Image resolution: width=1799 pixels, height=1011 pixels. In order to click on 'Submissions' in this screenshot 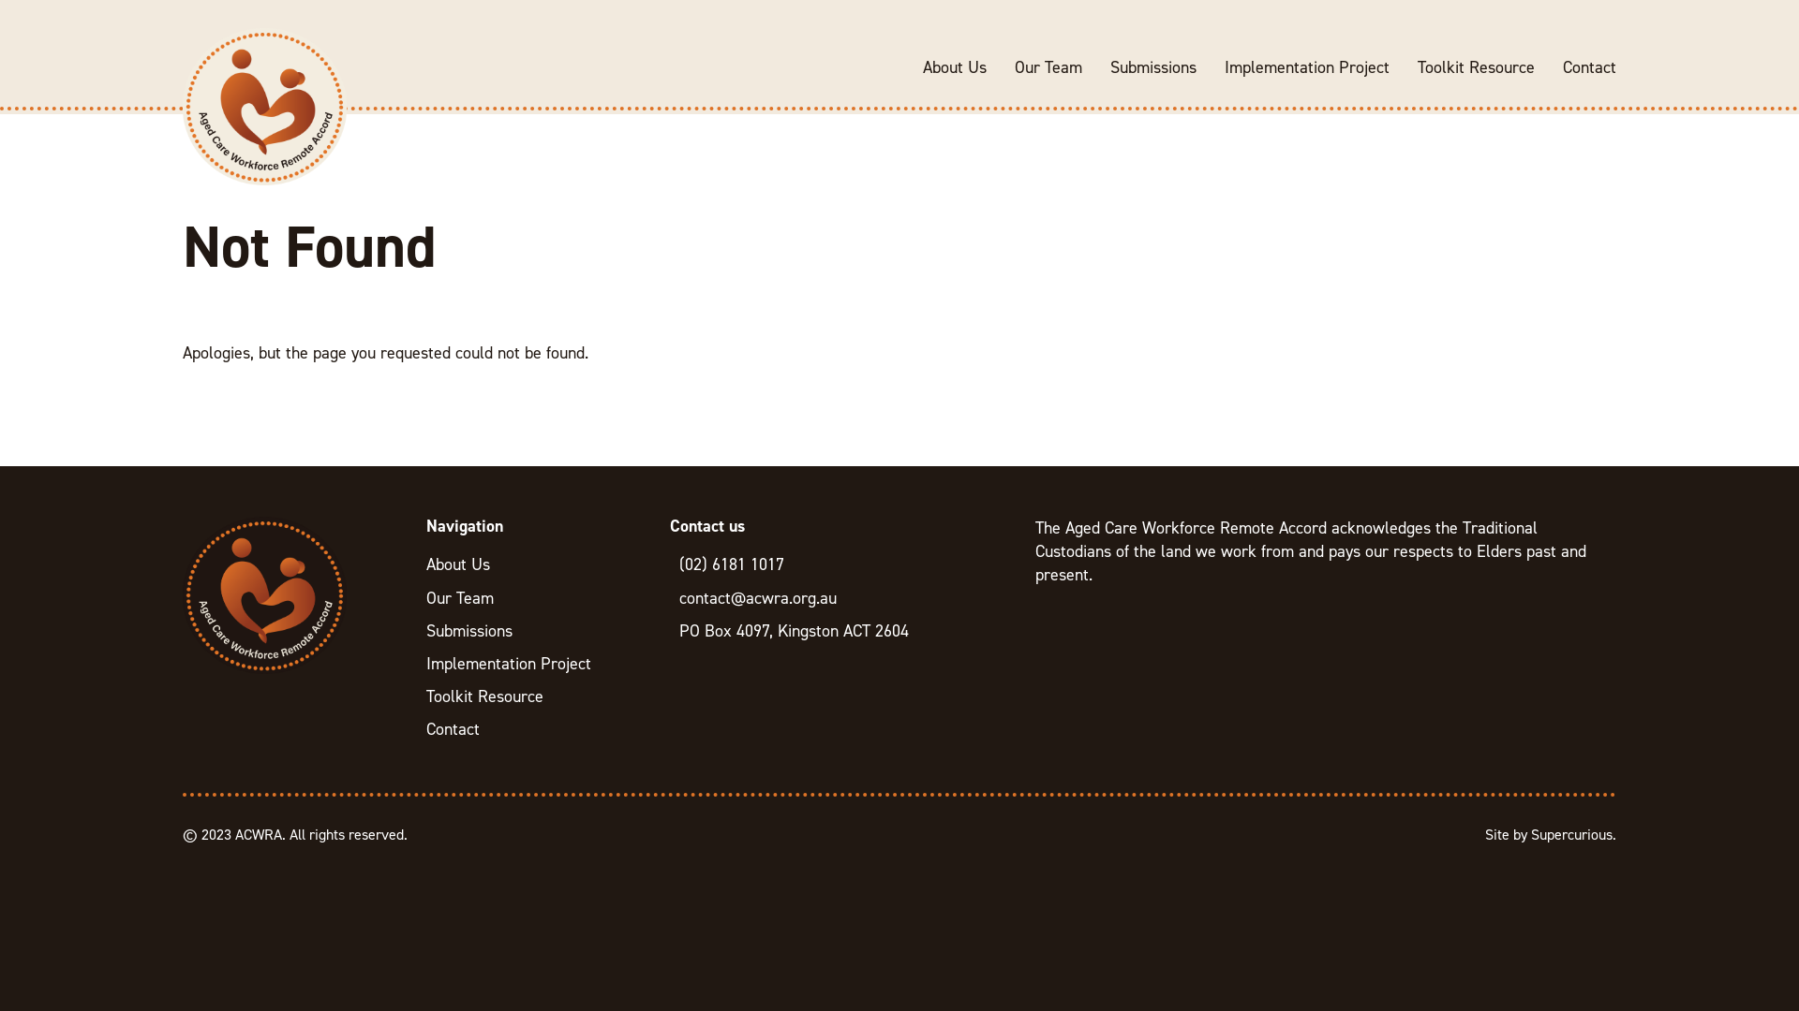, I will do `click(533, 631)`.